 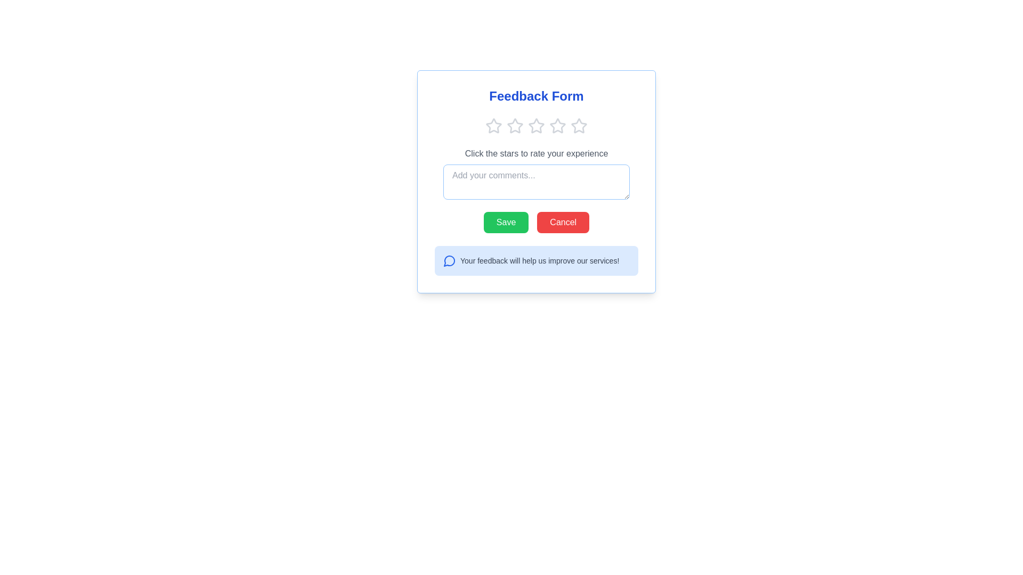 What do you see at coordinates (515, 125) in the screenshot?
I see `the third star icon in the rating control` at bounding box center [515, 125].